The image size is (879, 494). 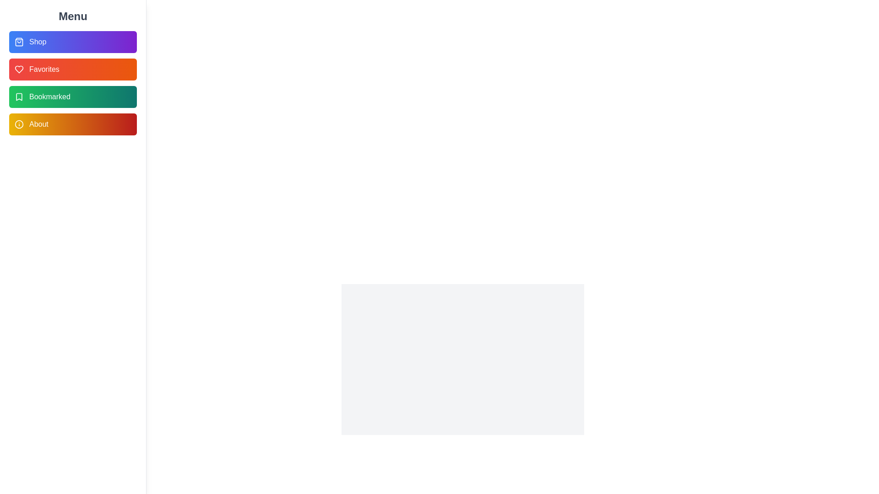 What do you see at coordinates (19, 19) in the screenshot?
I see `toggle button to open or close the menu drawer` at bounding box center [19, 19].